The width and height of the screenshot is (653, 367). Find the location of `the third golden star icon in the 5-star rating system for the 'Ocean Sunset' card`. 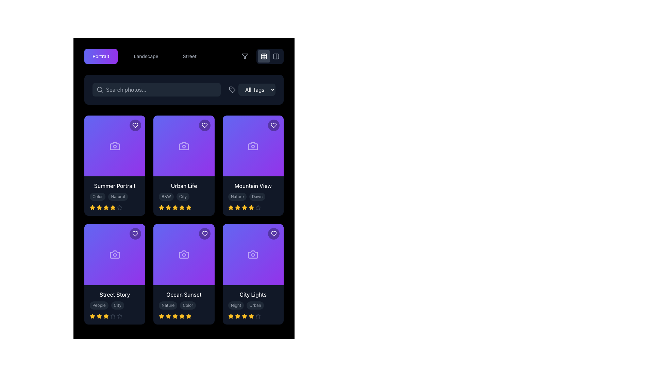

the third golden star icon in the 5-star rating system for the 'Ocean Sunset' card is located at coordinates (168, 316).